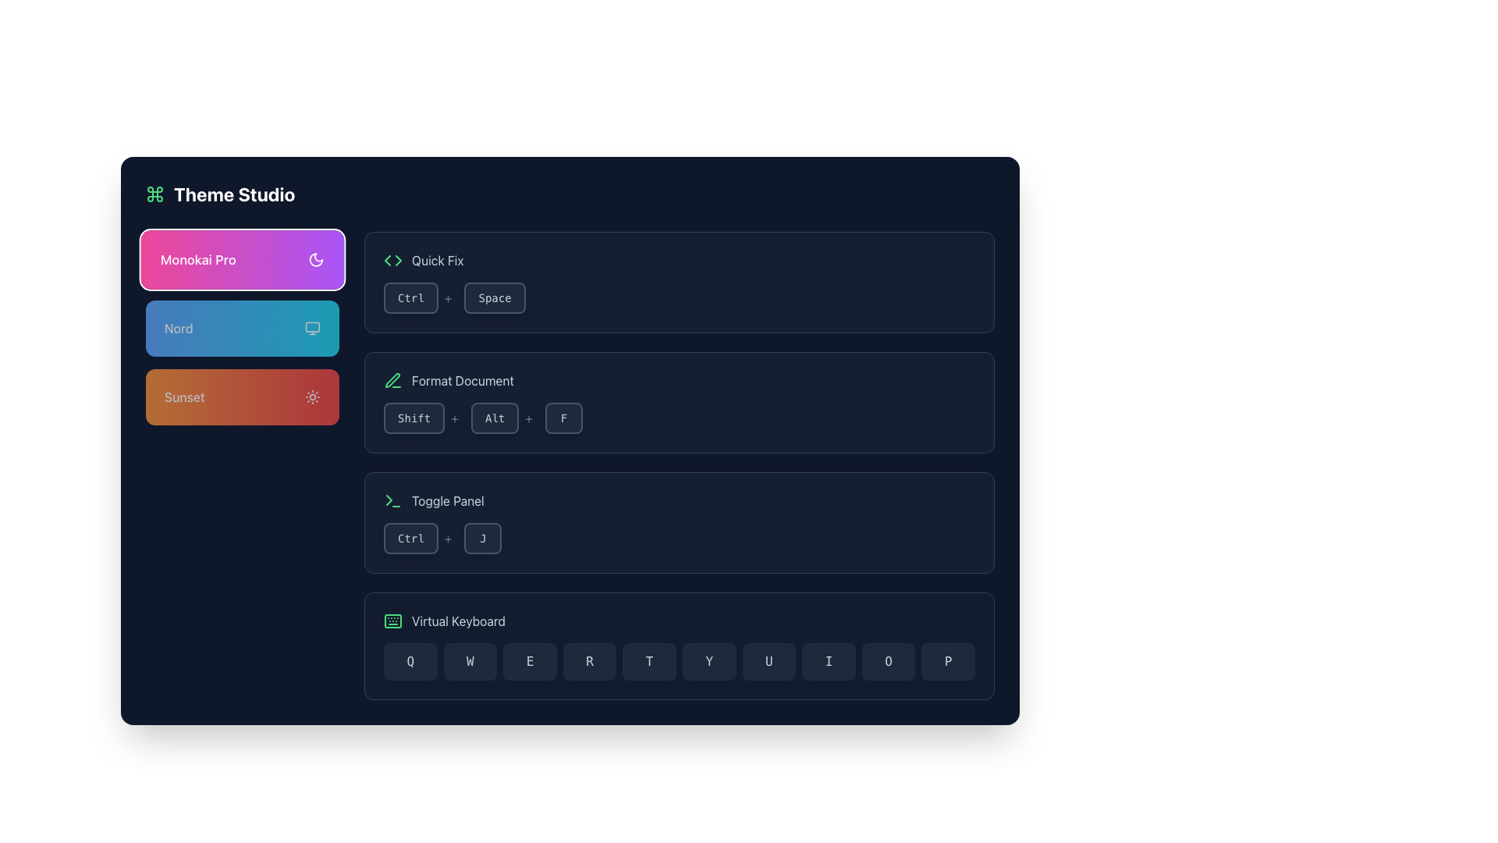 Image resolution: width=1498 pixels, height=843 pixels. Describe the element at coordinates (242, 327) in the screenshot. I see `the 'Nord' theme selection button located in the left sidebar, which is the second button from the top, to trigger the tooltip or styling effects` at that location.